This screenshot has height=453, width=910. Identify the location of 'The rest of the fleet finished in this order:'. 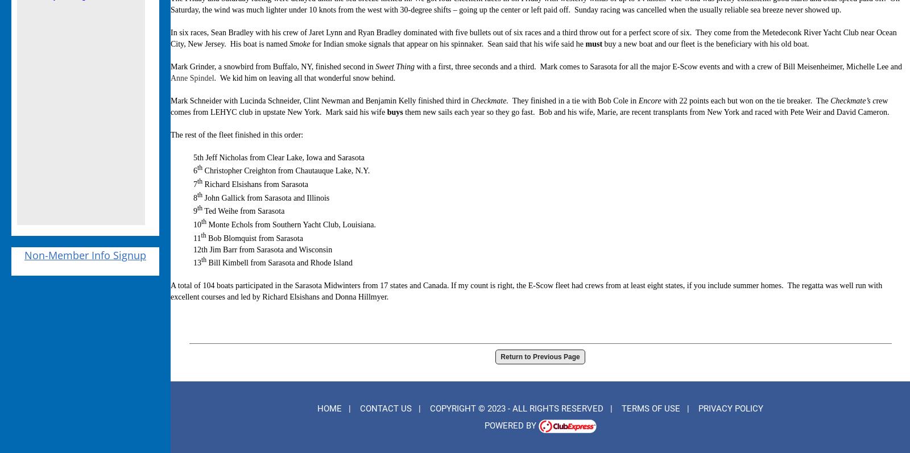
(236, 134).